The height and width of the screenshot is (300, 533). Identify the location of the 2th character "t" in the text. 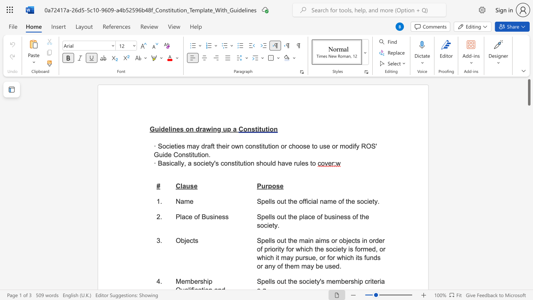
(193, 155).